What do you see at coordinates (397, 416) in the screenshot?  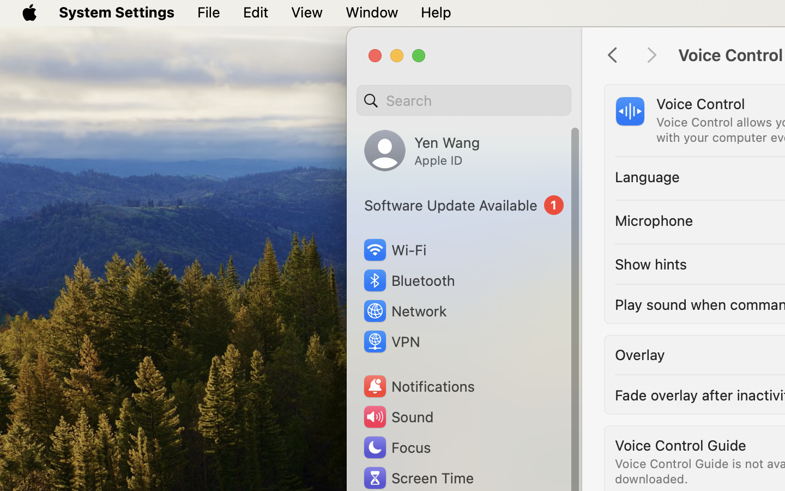 I see `'Sound'` at bounding box center [397, 416].